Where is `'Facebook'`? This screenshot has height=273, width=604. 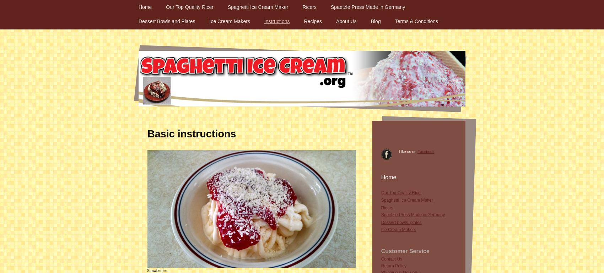 'Facebook' is located at coordinates (417, 151).